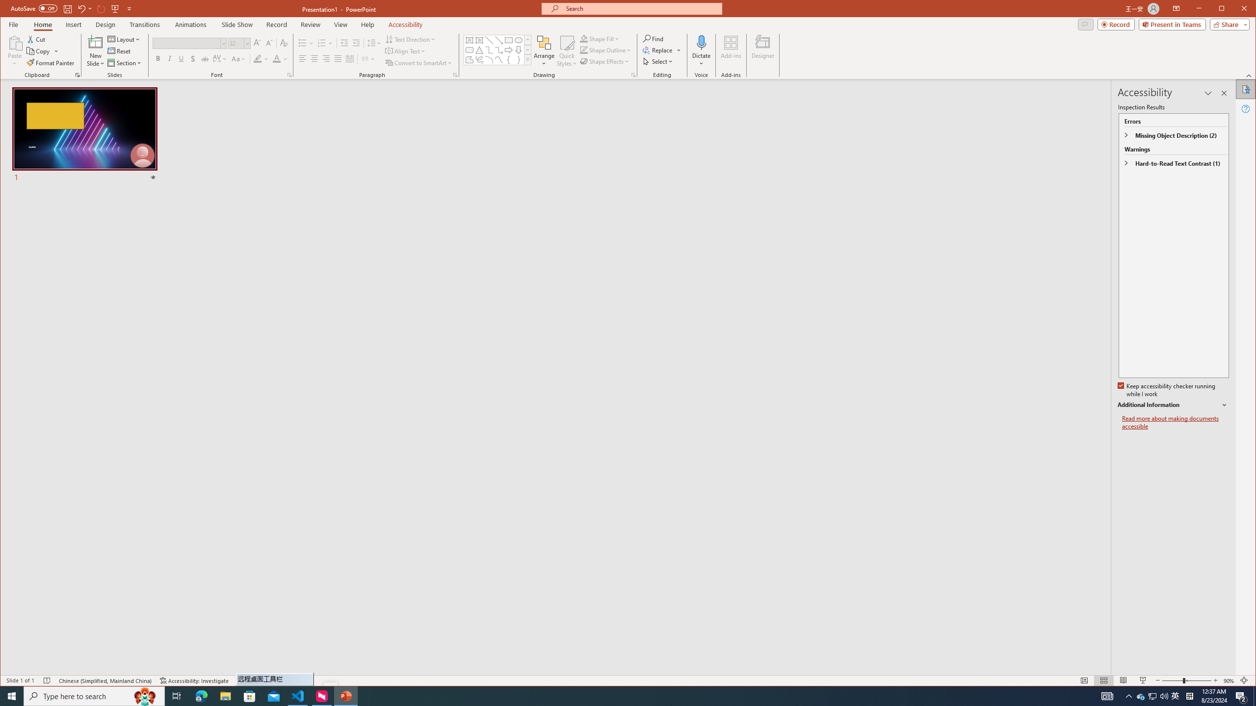 The width and height of the screenshot is (1256, 706). Describe the element at coordinates (1228, 680) in the screenshot. I see `'Zoom 90%'` at that location.